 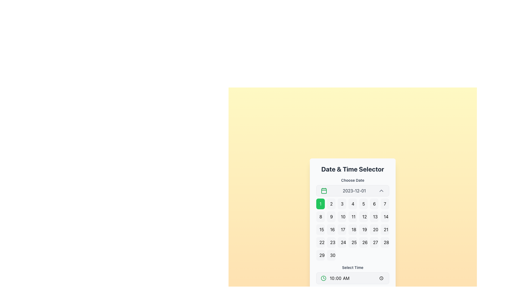 What do you see at coordinates (321, 229) in the screenshot?
I see `the button representing the 15th day in the date-picker interface` at bounding box center [321, 229].